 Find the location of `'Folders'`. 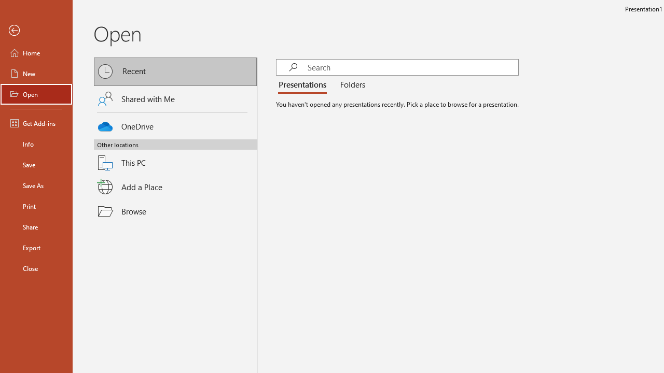

'Folders' is located at coordinates (351, 84).